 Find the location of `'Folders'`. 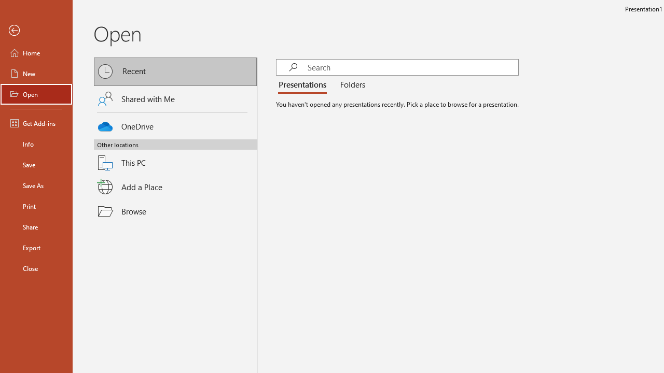

'Folders' is located at coordinates (351, 84).